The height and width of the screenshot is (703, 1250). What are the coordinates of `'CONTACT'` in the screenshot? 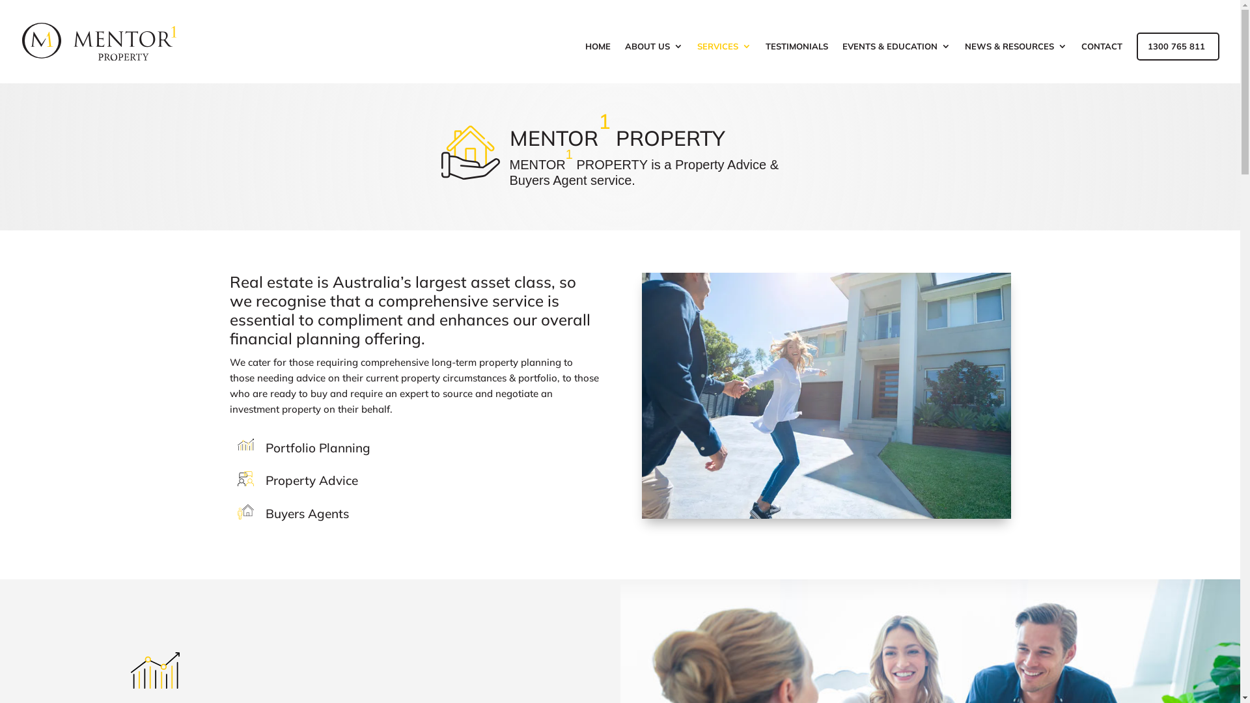 It's located at (1101, 62).